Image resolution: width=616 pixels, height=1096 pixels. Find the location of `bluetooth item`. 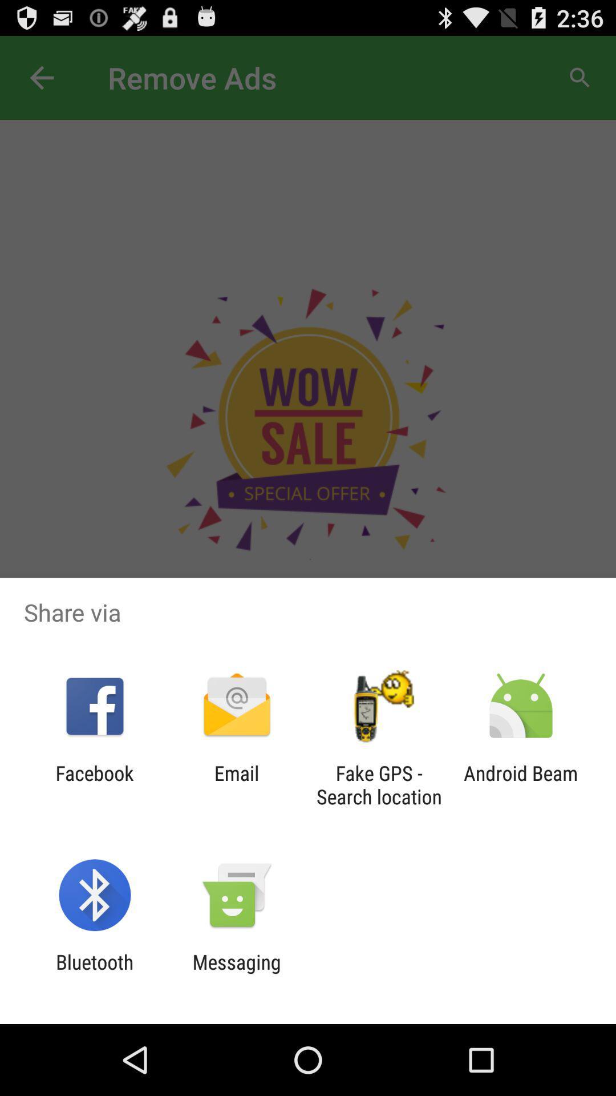

bluetooth item is located at coordinates (94, 973).